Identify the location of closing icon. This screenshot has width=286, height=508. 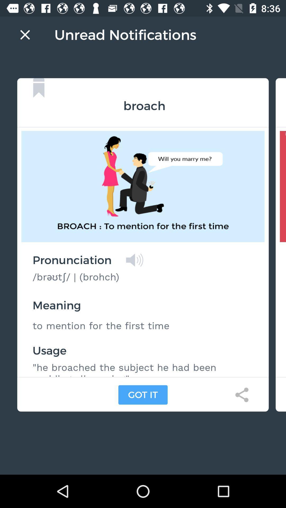
(25, 34).